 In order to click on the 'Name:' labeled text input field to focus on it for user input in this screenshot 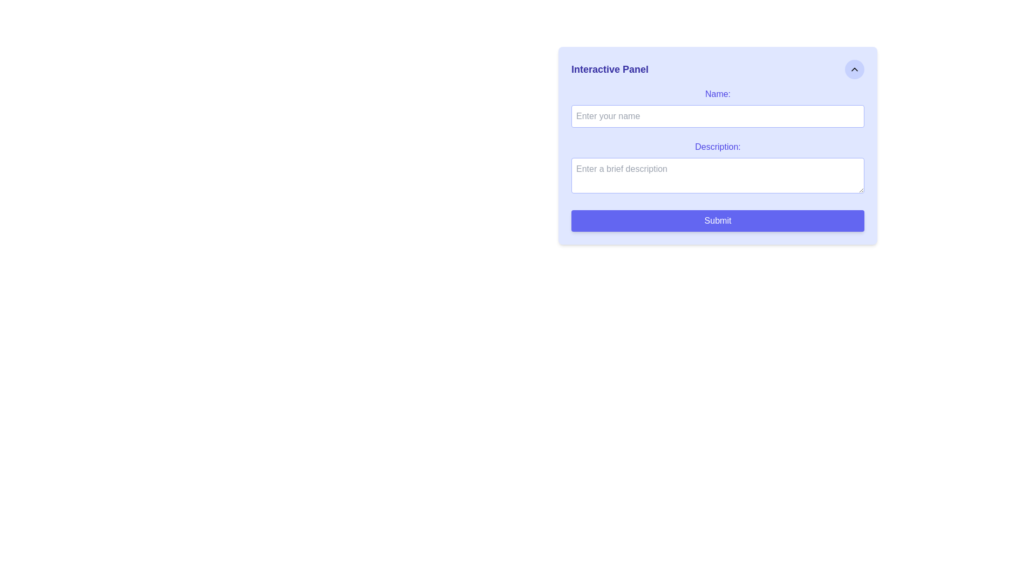, I will do `click(718, 108)`.